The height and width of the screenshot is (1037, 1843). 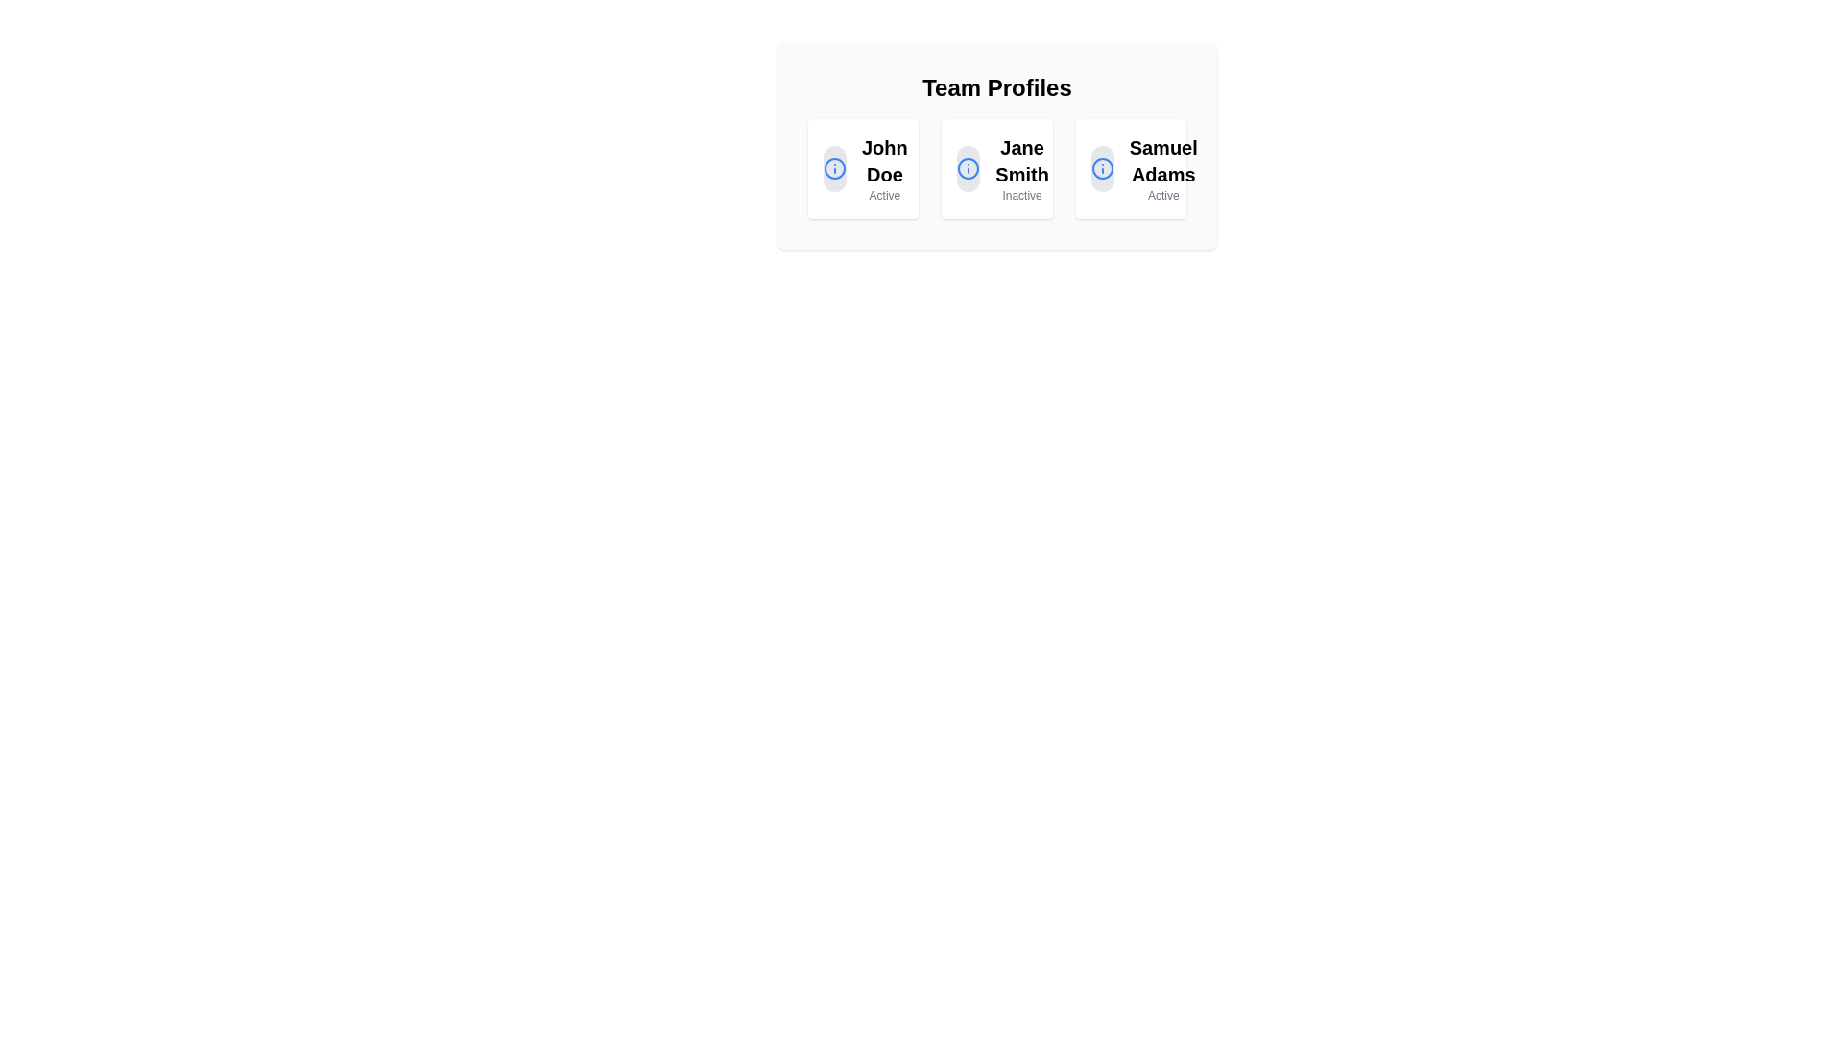 What do you see at coordinates (834, 168) in the screenshot?
I see `the circular outline element that serves as the background for the icon of 'John Doe' in the team member card` at bounding box center [834, 168].